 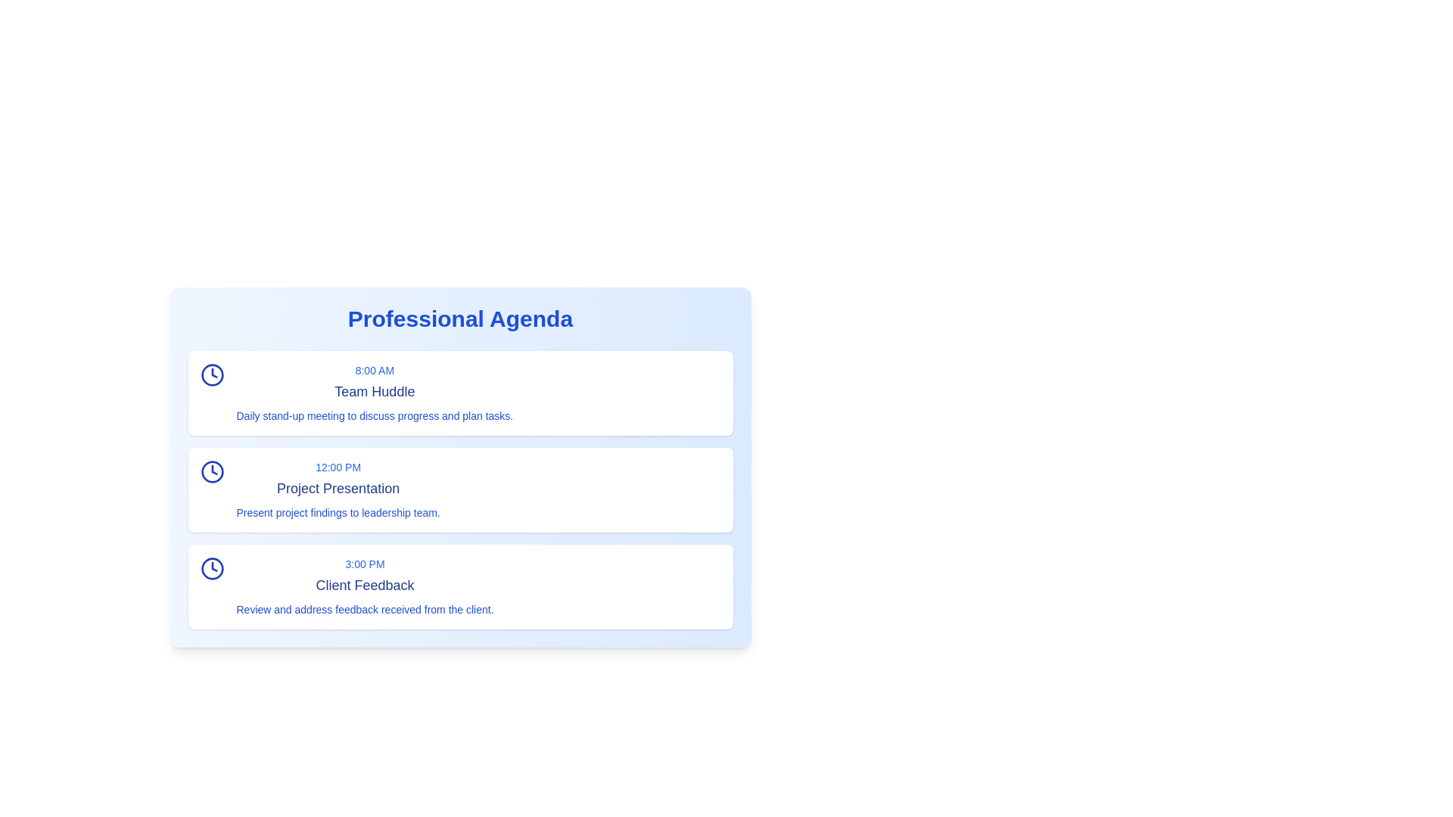 I want to click on the time-related icon that signifies '8:00 AM', located directly to the left of the text '8:00 AM' in the first card of the agenda, so click(x=211, y=374).